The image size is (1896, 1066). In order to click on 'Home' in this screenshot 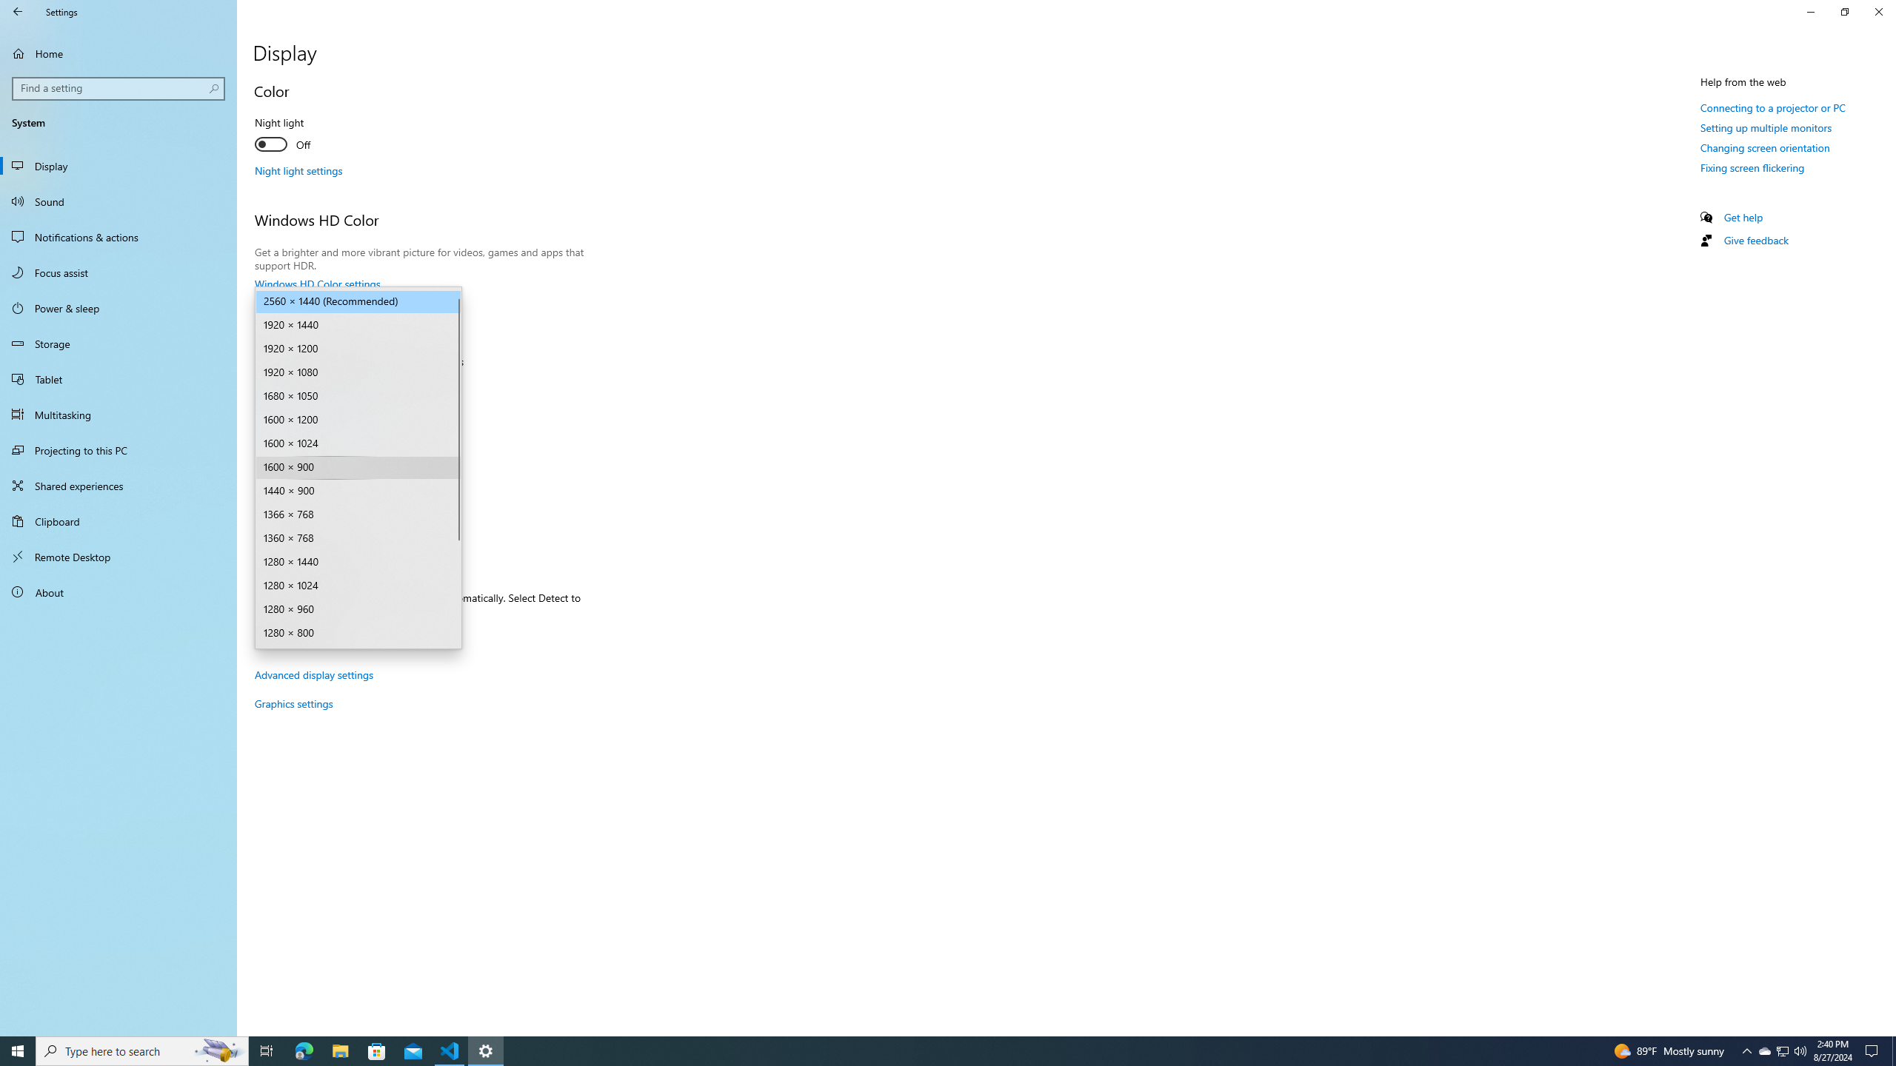, I will do `click(118, 53)`.